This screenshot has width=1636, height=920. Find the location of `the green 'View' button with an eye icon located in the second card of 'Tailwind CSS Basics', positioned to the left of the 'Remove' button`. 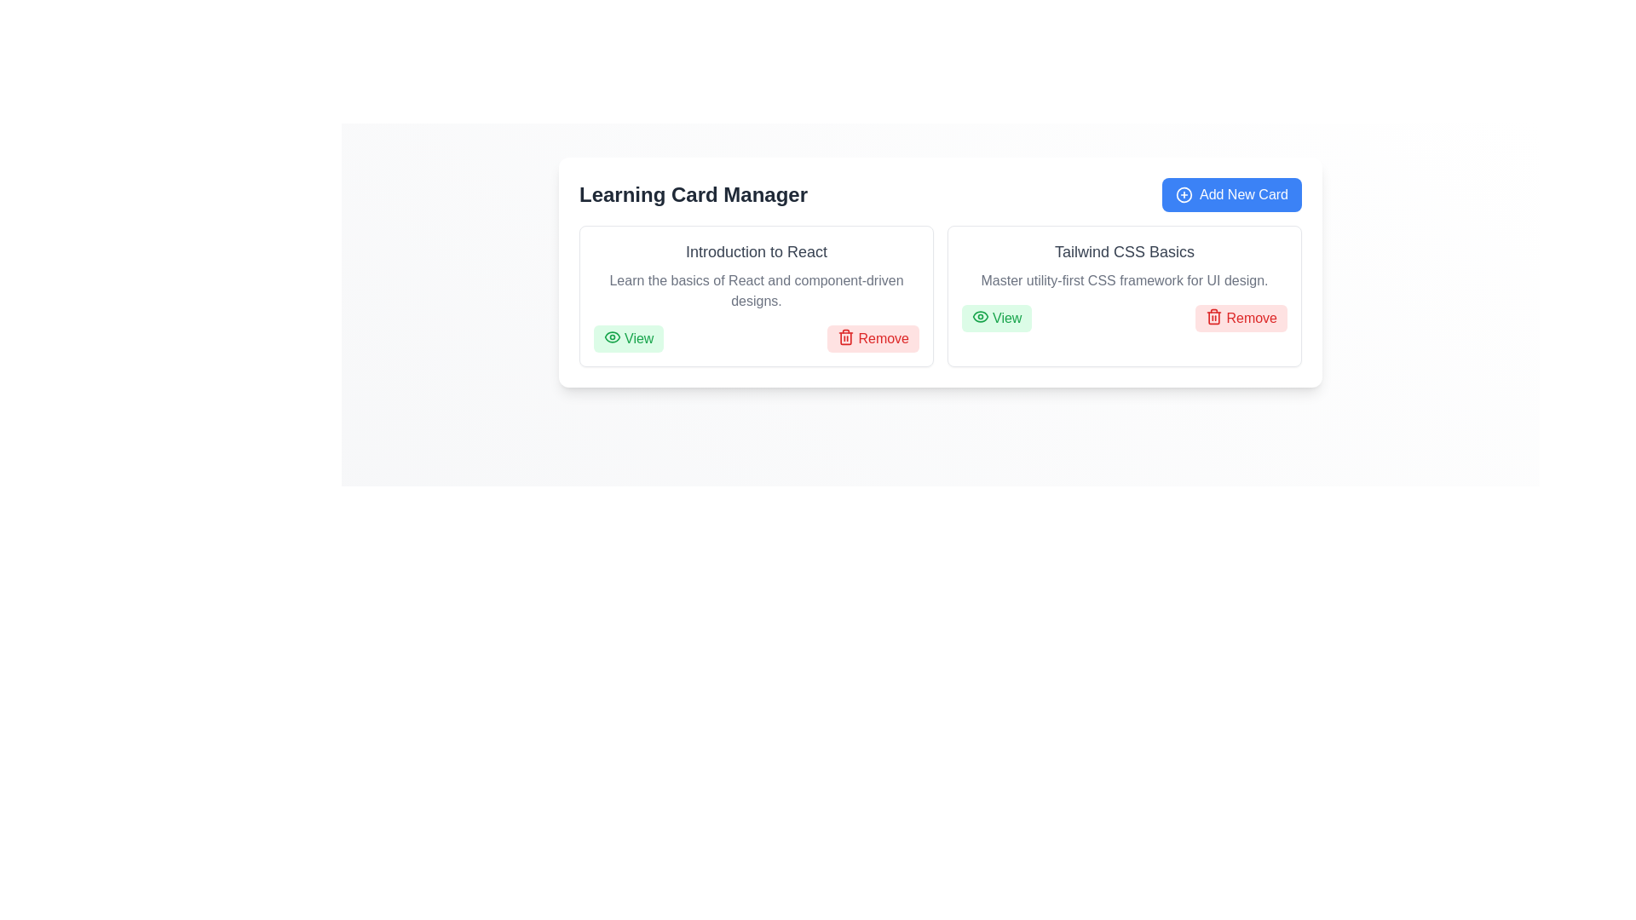

the green 'View' button with an eye icon located in the second card of 'Tailwind CSS Basics', positioned to the left of the 'Remove' button is located at coordinates (997, 319).